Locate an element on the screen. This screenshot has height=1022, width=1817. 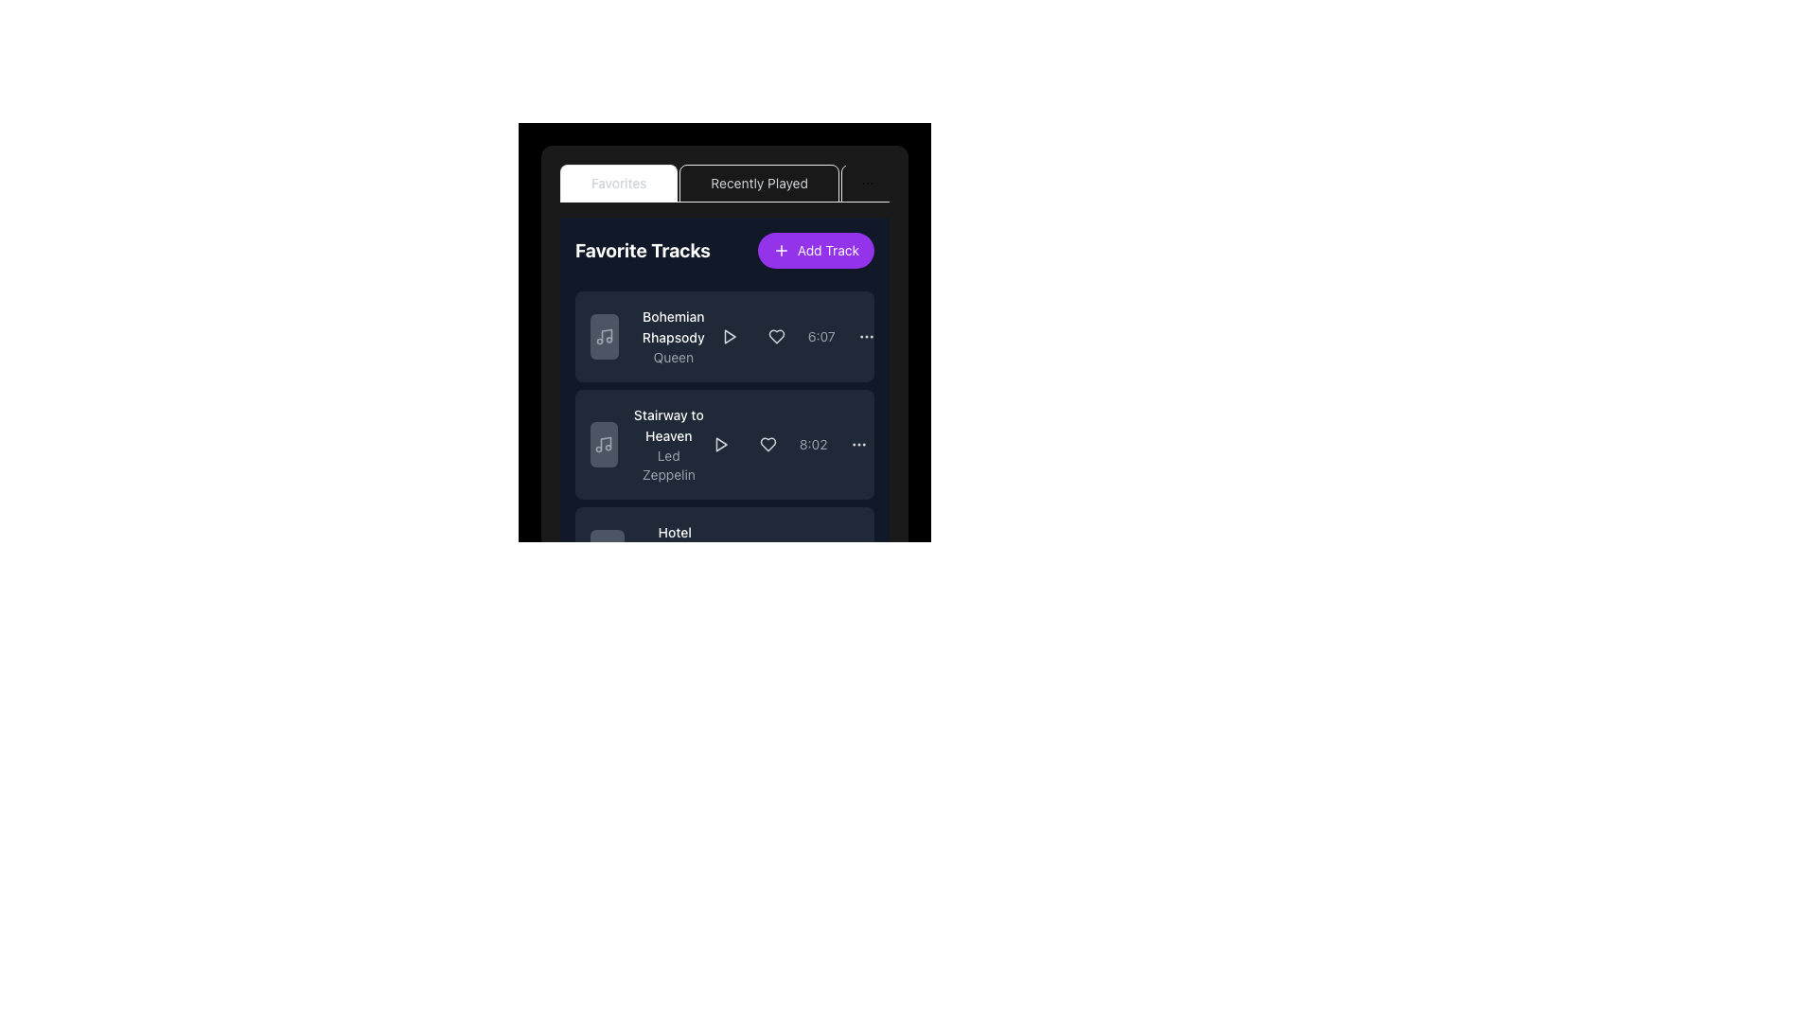
the 'favorite' icon located immediately to the right of the 'play' button in the 'Favorite Tracks' section is located at coordinates (776, 335).